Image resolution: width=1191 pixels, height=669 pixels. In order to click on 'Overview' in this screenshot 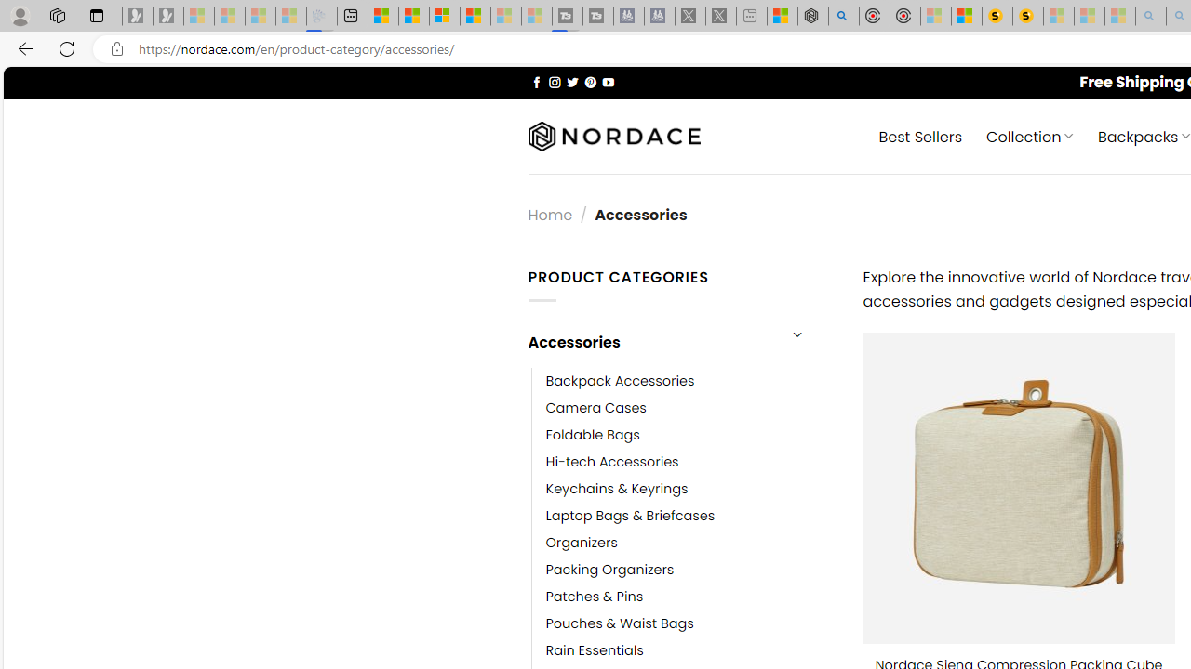, I will do `click(444, 16)`.